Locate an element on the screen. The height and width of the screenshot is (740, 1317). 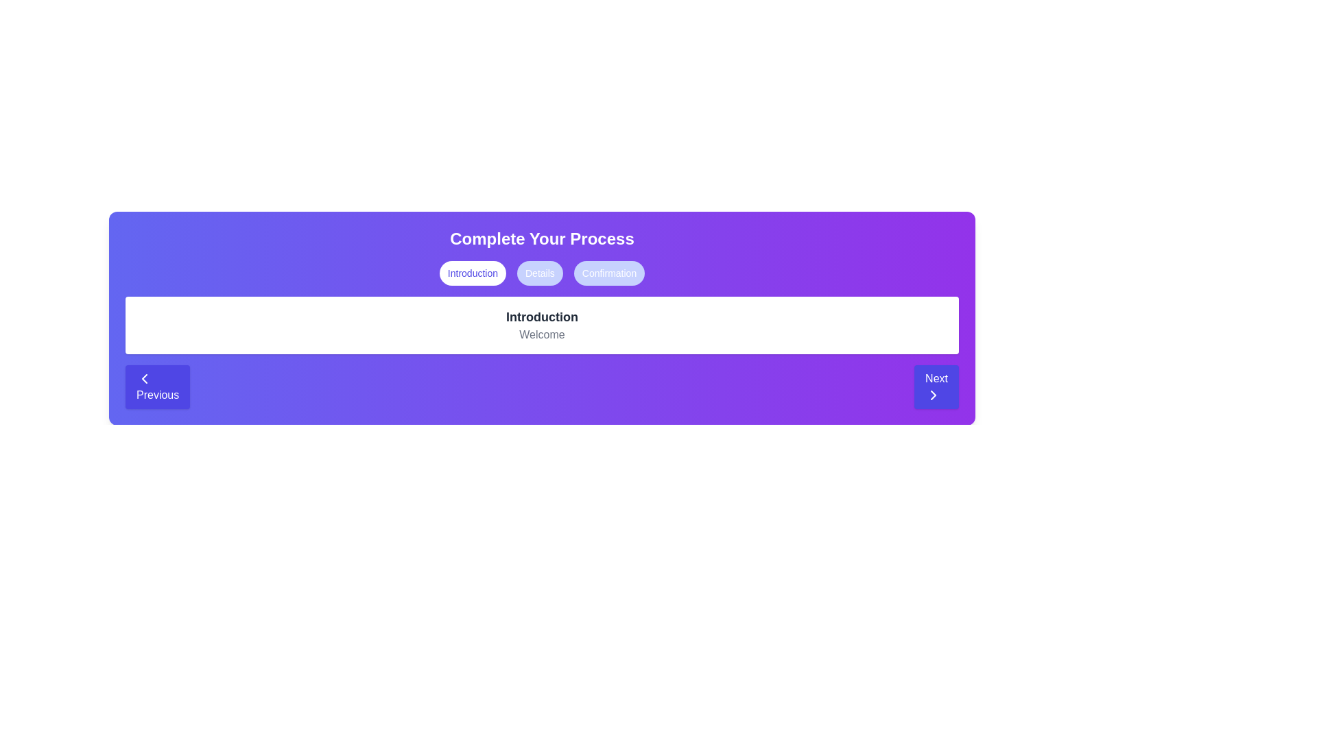
the prominently styled text label 'Introduction', which is bold and larger than surrounding elements is located at coordinates (541, 317).